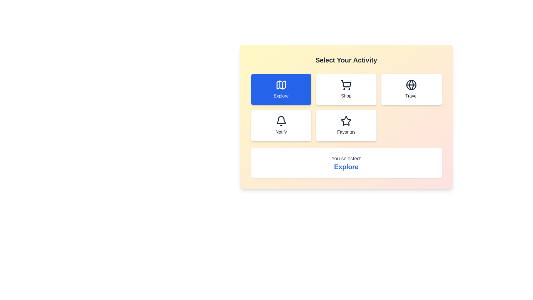  I want to click on the button corresponding to the activity Travel, so click(411, 89).